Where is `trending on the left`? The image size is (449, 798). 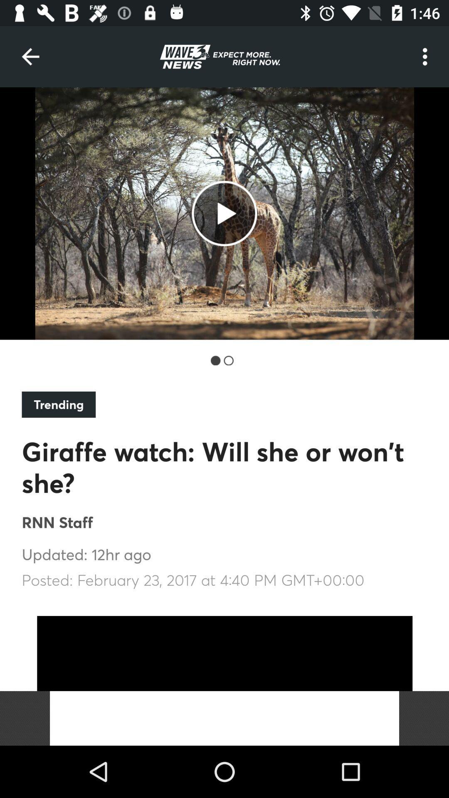
trending on the left is located at coordinates (58, 404).